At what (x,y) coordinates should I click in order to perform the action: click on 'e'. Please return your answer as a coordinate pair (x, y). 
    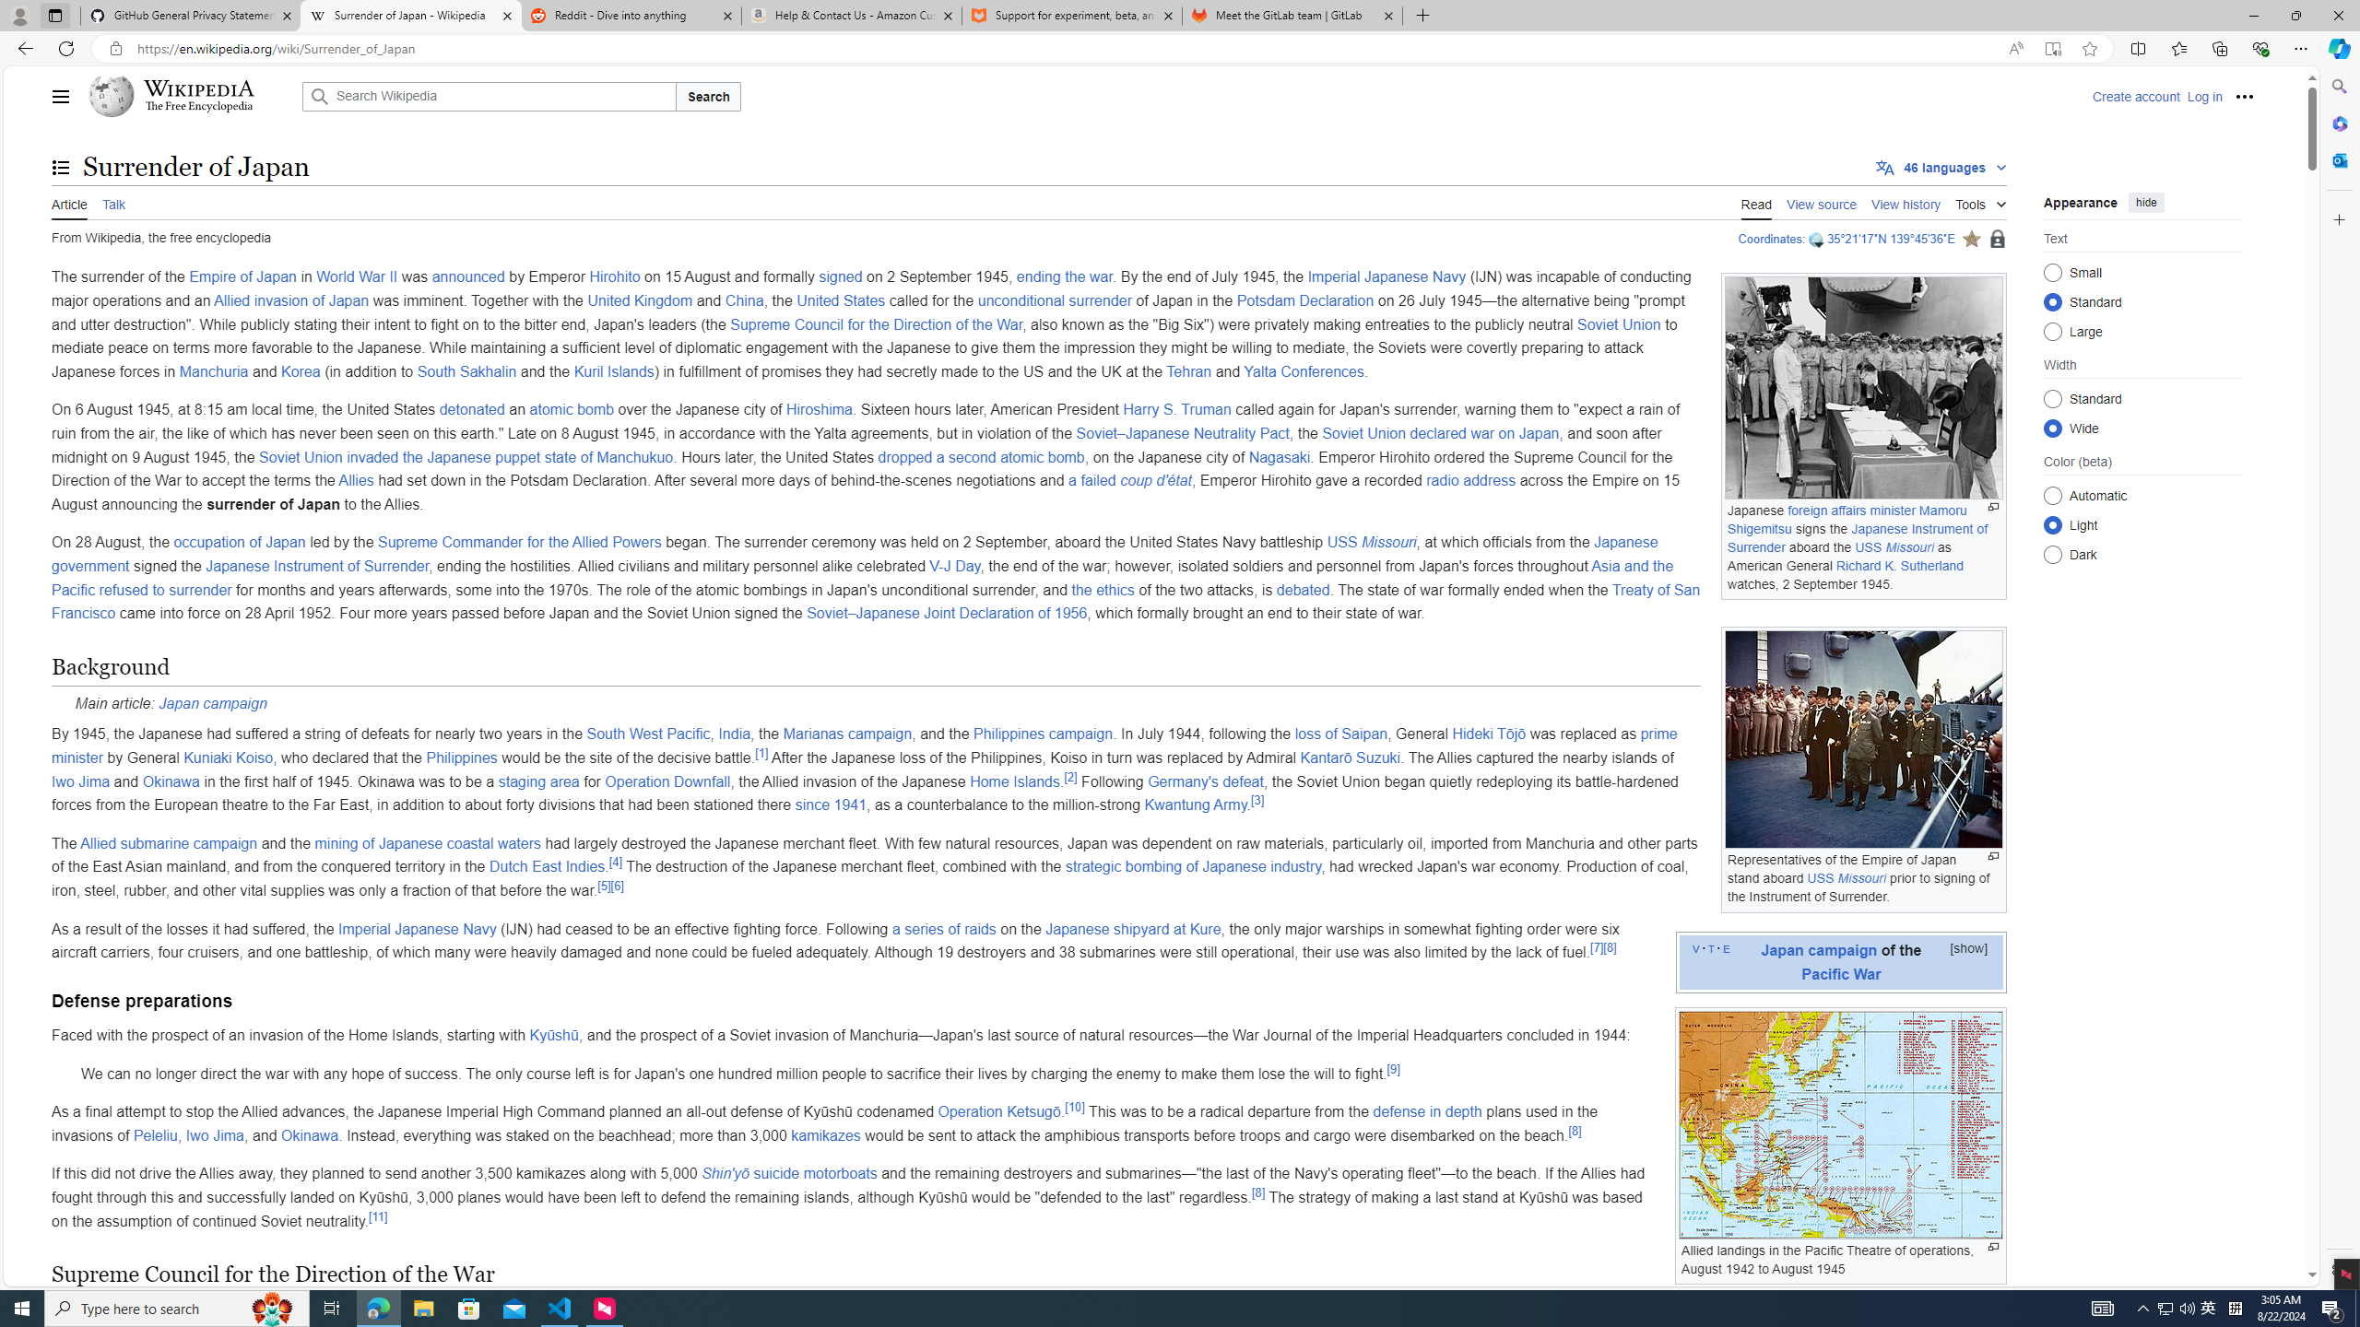
    Looking at the image, I should click on (1725, 946).